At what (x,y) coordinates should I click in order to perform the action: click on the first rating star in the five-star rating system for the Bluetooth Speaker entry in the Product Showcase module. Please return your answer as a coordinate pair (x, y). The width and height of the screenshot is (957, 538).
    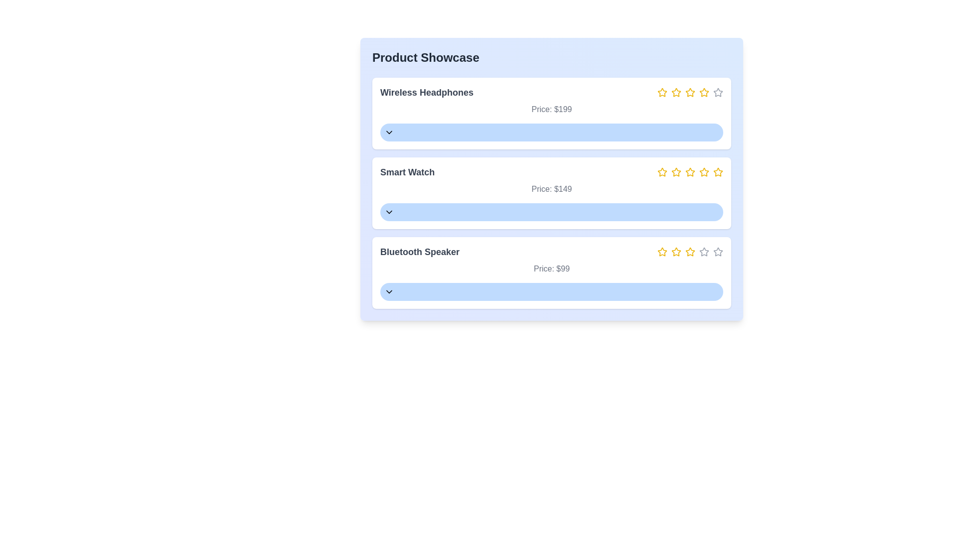
    Looking at the image, I should click on (662, 251).